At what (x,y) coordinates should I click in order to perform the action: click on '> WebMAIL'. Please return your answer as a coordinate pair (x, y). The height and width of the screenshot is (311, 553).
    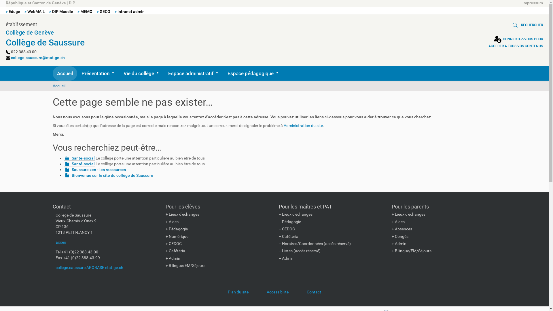
    Looking at the image, I should click on (34, 11).